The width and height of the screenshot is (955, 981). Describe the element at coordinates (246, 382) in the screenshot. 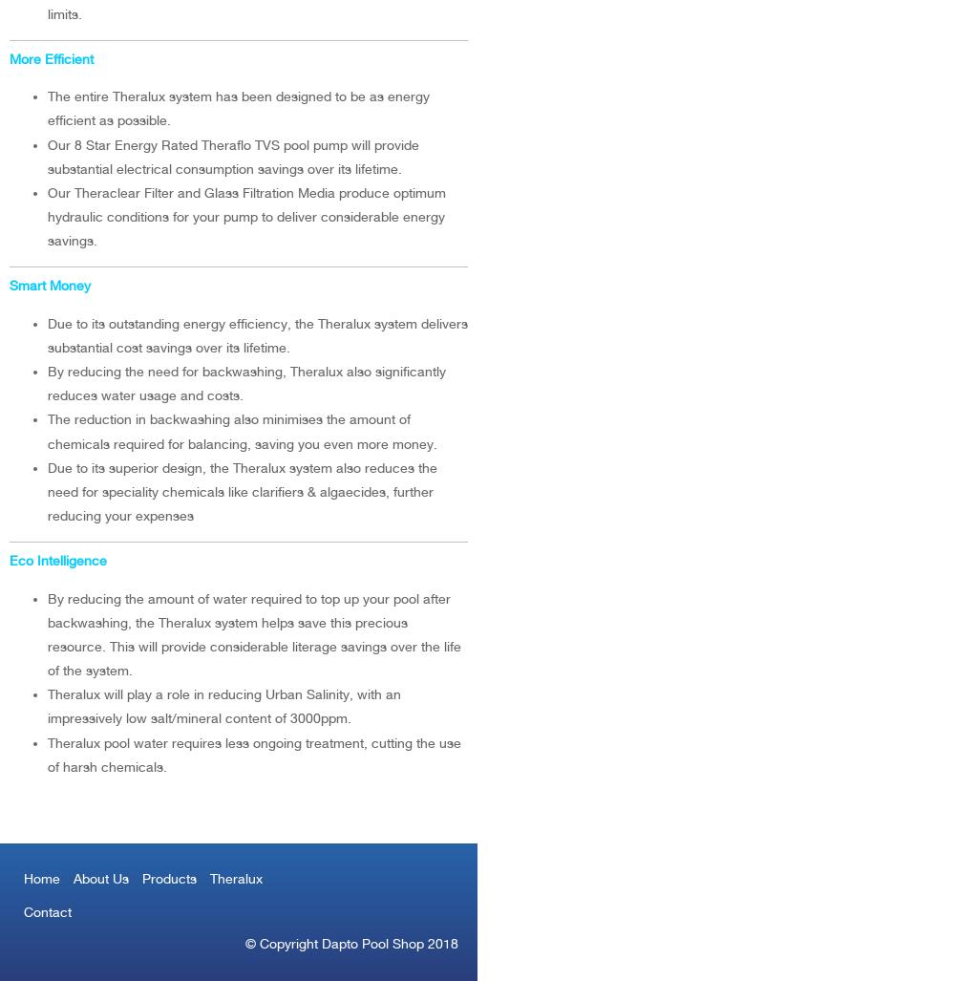

I see `'By reducing the need for backwashing, Theralux also significantly reduces water usage and costs.'` at that location.